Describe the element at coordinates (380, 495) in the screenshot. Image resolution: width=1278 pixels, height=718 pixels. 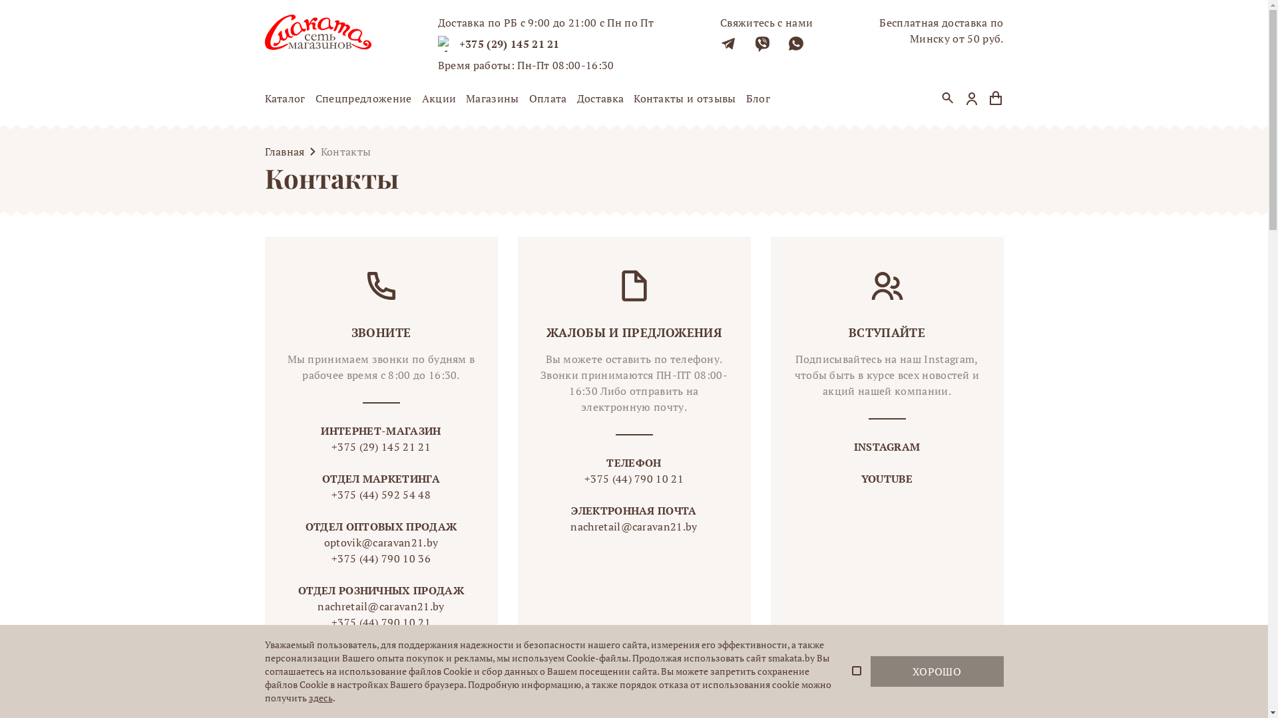
I see `'+375 (44) 592 54 48'` at that location.